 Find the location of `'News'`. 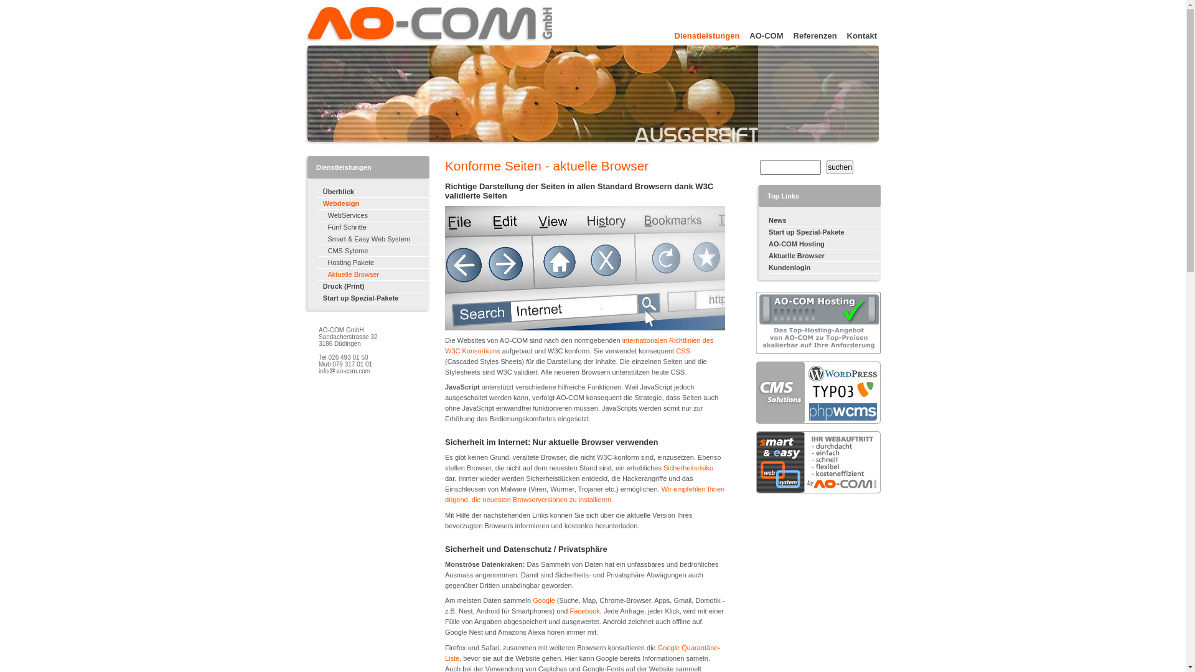

'News' is located at coordinates (824, 220).